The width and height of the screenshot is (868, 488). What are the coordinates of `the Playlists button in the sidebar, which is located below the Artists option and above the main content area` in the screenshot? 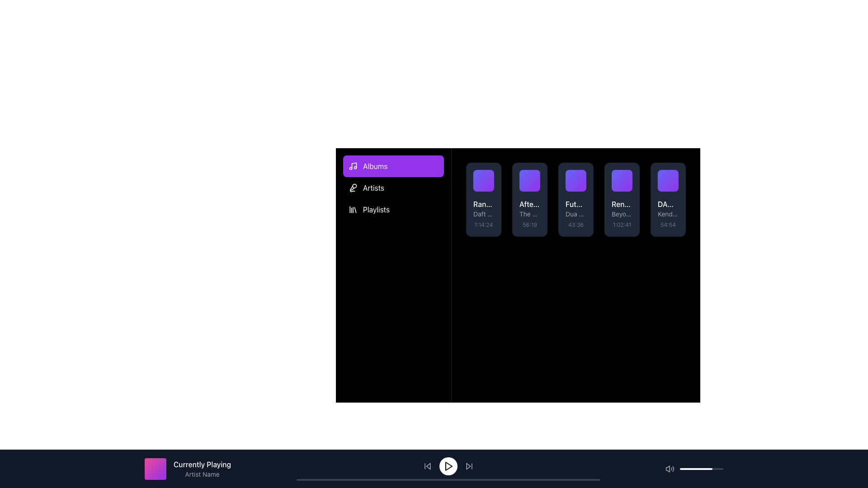 It's located at (393, 209).